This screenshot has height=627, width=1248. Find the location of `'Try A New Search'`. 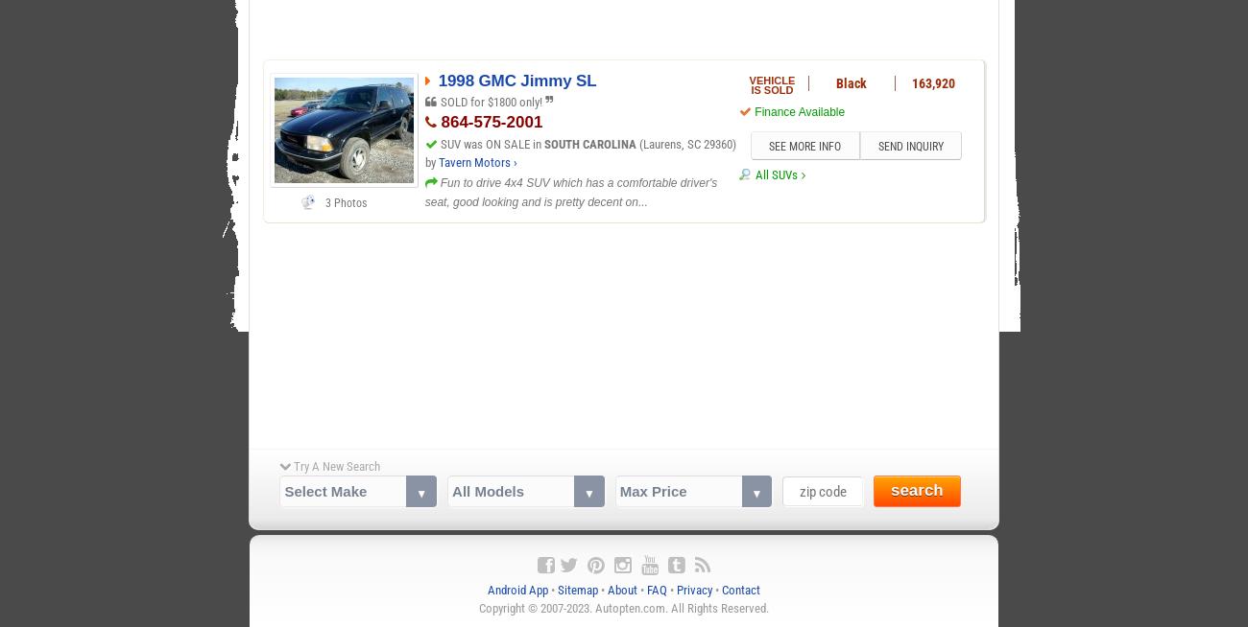

'Try A New Search' is located at coordinates (334, 464).